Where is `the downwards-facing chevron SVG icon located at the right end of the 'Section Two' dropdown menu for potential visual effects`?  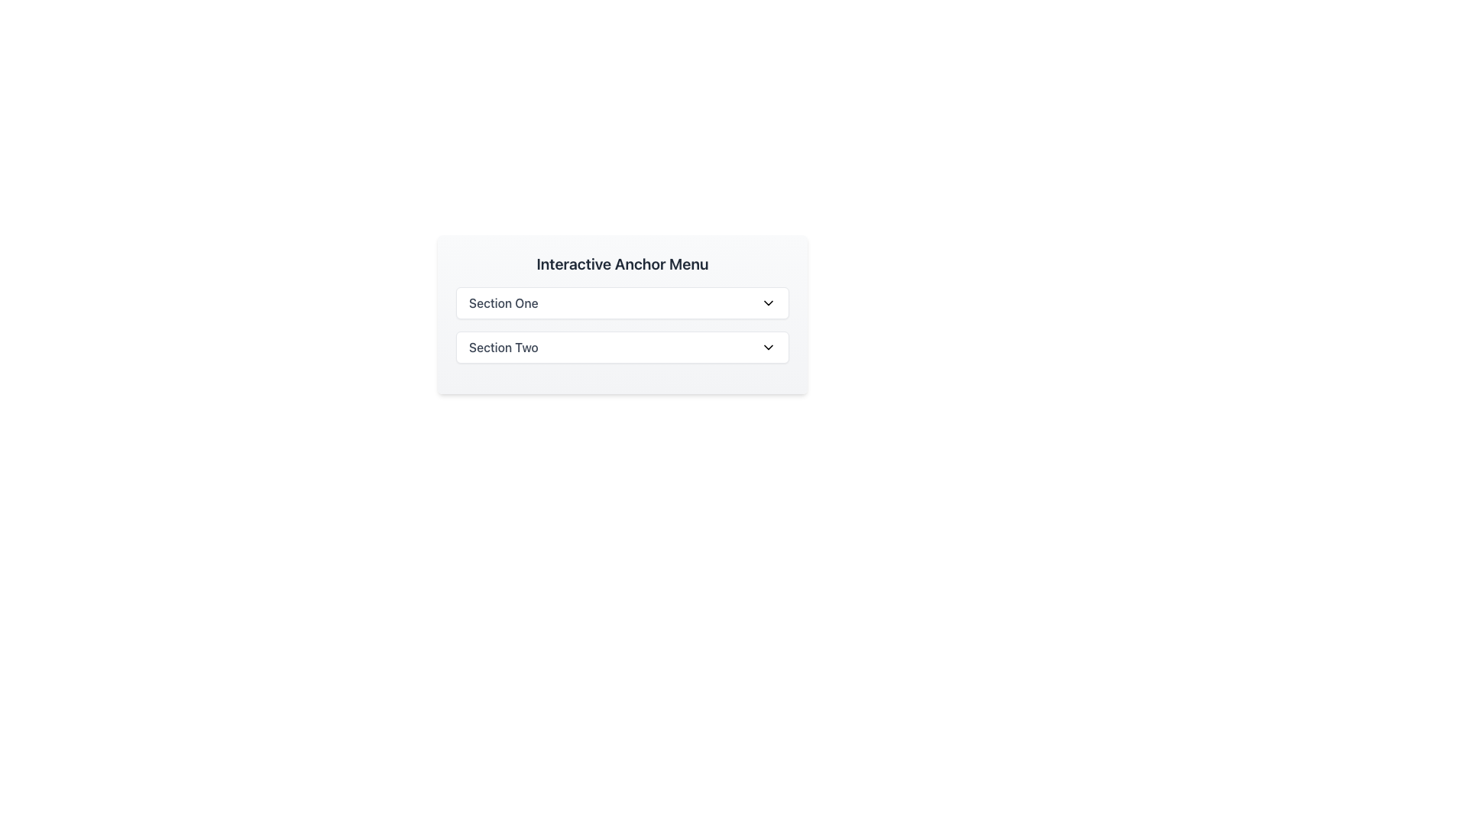
the downwards-facing chevron SVG icon located at the right end of the 'Section Two' dropdown menu for potential visual effects is located at coordinates (769, 348).